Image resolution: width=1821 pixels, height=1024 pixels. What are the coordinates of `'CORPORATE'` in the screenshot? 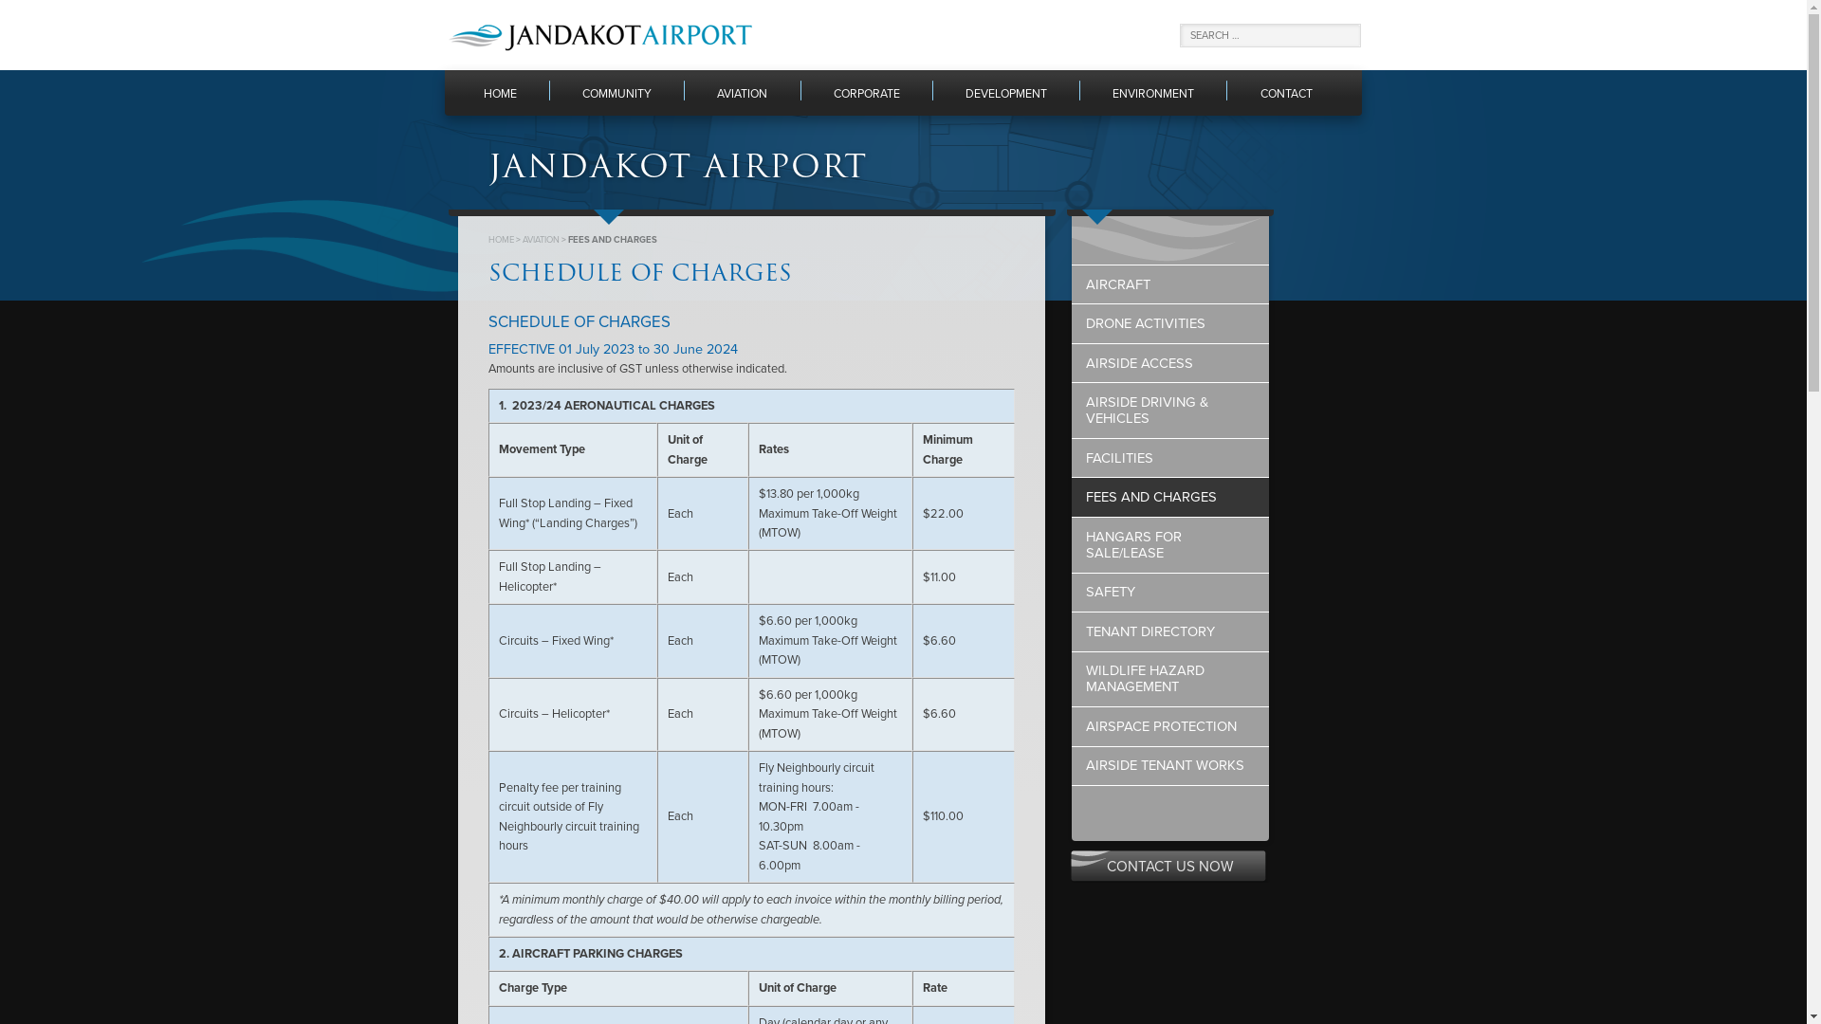 It's located at (865, 92).